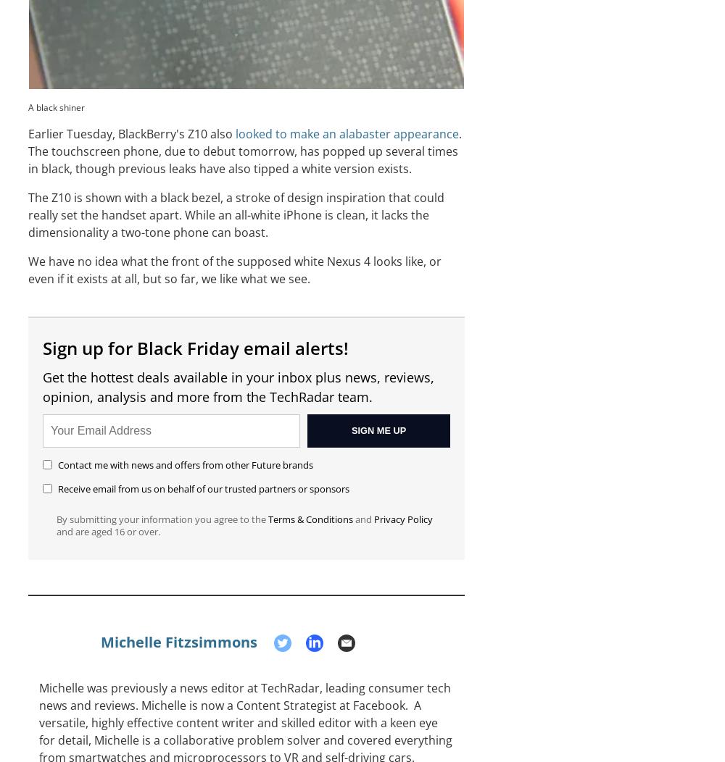 The width and height of the screenshot is (725, 762). What do you see at coordinates (352, 519) in the screenshot?
I see `'and'` at bounding box center [352, 519].